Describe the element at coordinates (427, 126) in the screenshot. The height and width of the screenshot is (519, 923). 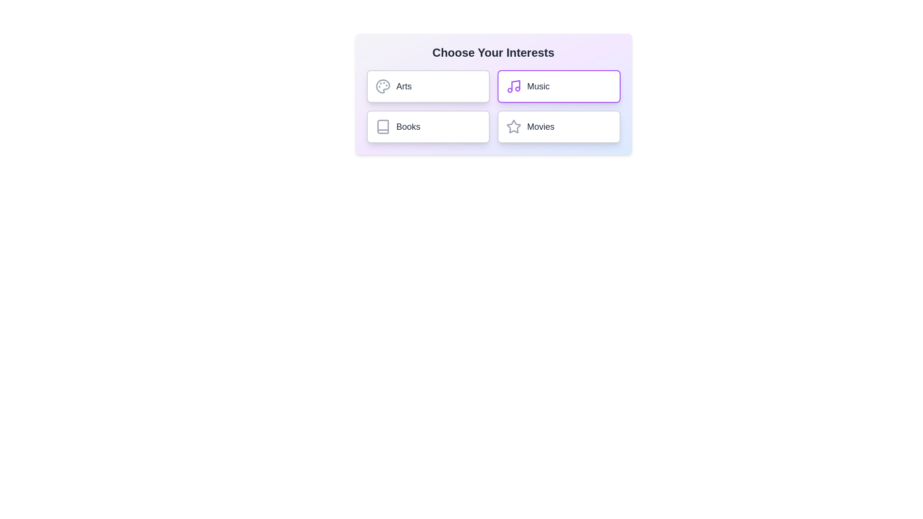
I see `the chip labeled Books` at that location.